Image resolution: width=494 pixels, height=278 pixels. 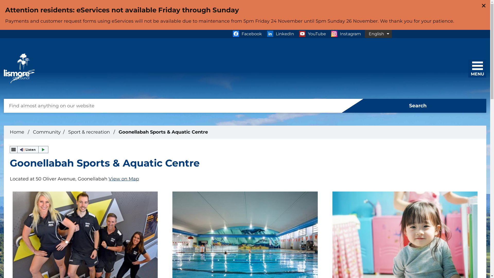 What do you see at coordinates (364, 34) in the screenshot?
I see `'Your current preferred language is` at bounding box center [364, 34].